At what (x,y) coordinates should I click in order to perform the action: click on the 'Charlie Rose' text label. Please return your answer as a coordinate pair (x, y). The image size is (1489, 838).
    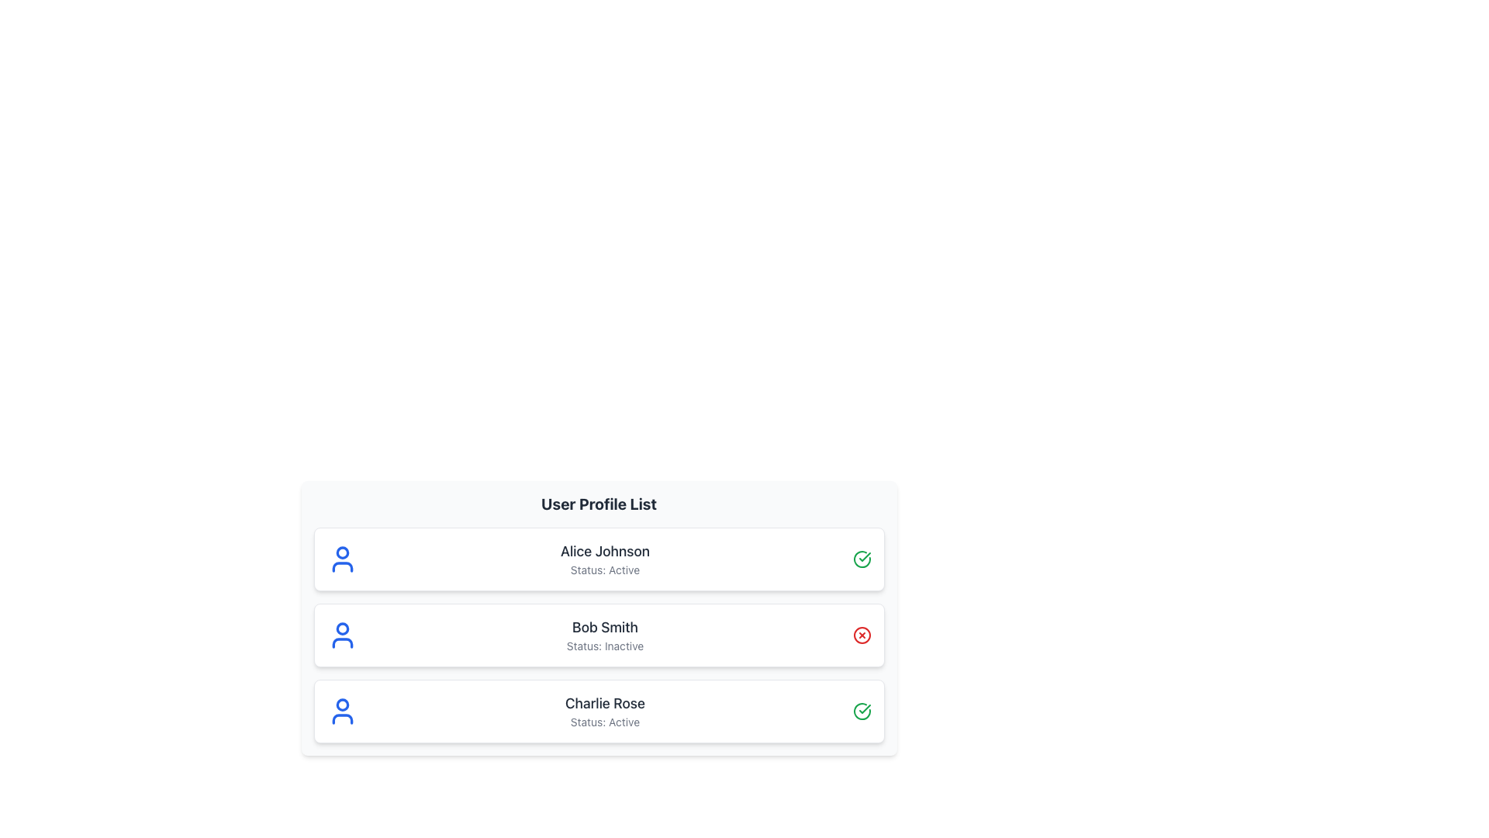
    Looking at the image, I should click on (604, 712).